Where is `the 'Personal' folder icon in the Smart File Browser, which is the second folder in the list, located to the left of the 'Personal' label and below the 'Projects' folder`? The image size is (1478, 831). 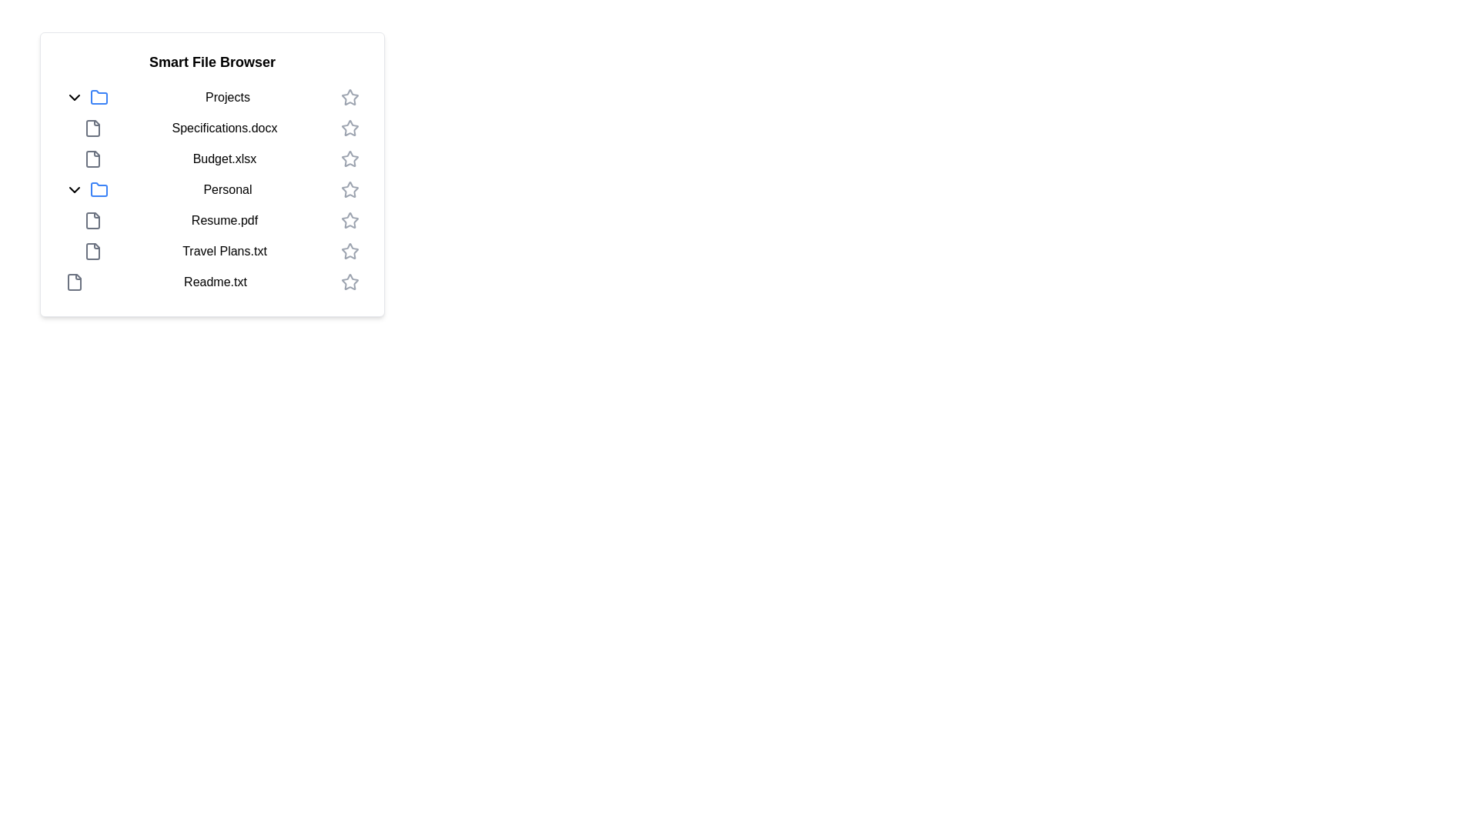
the 'Personal' folder icon in the Smart File Browser, which is the second folder in the list, located to the left of the 'Personal' label and below the 'Projects' folder is located at coordinates (99, 189).